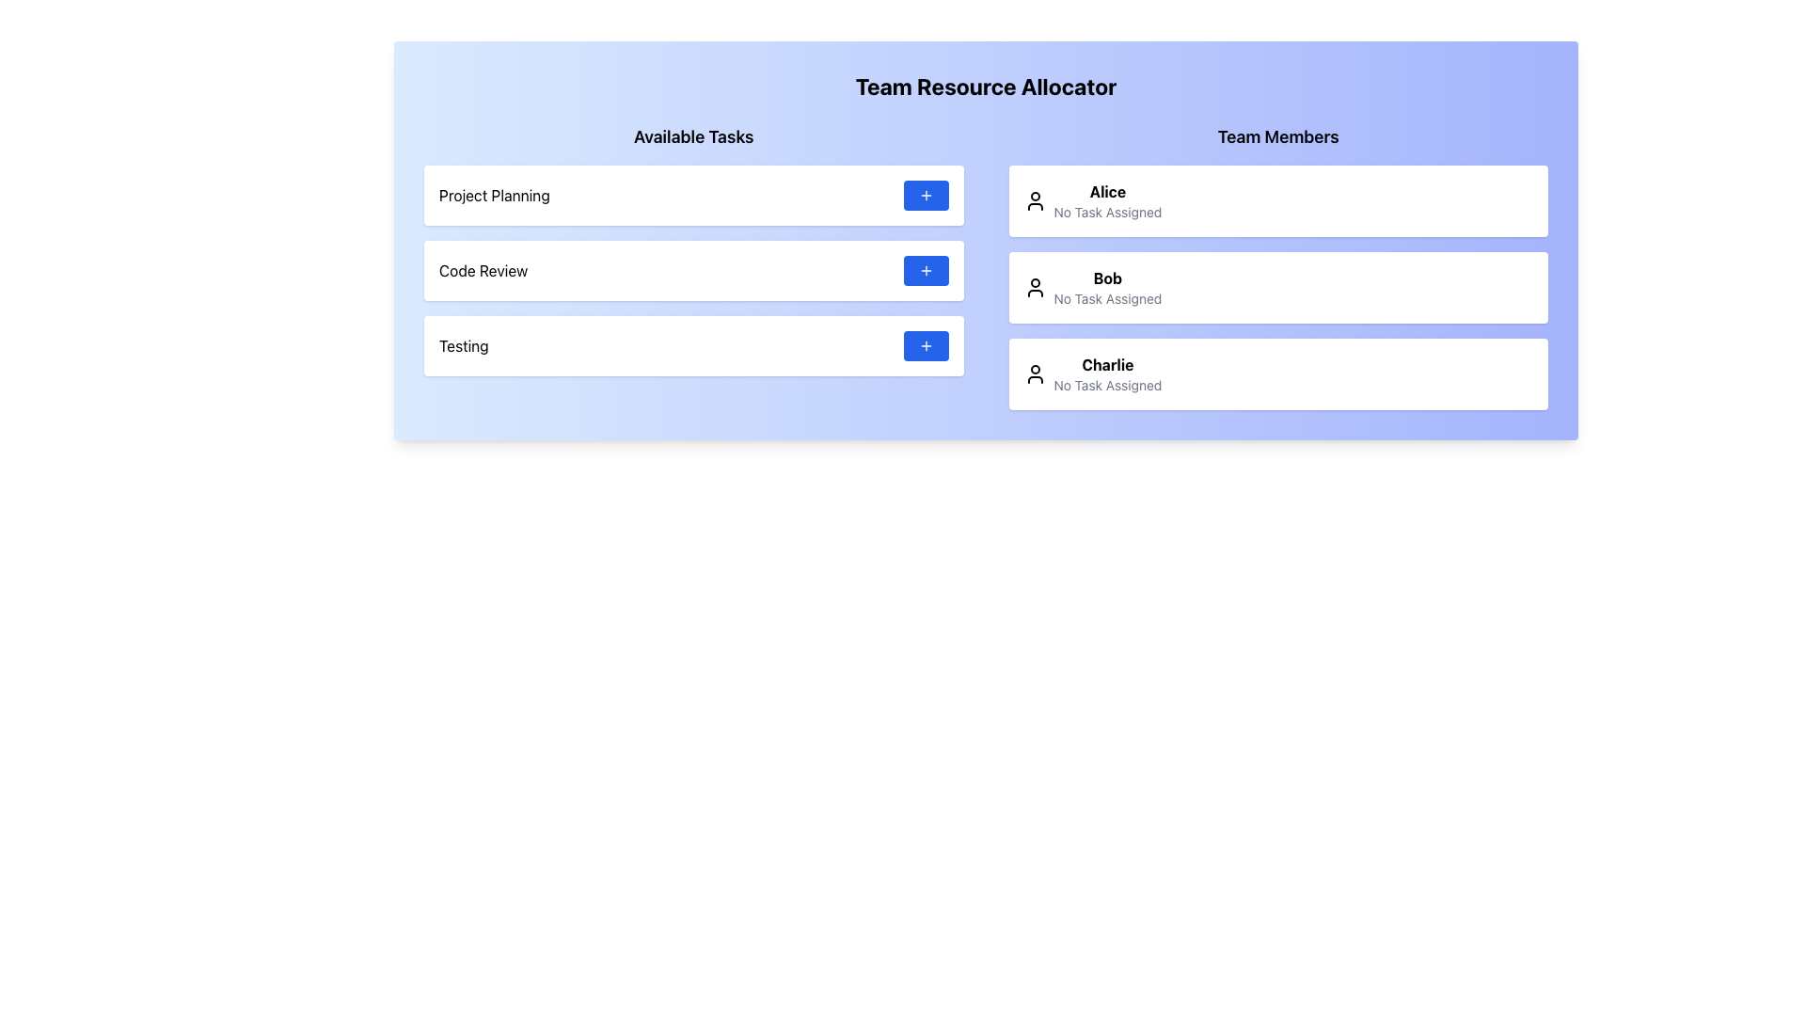 This screenshot has width=1806, height=1016. I want to click on the label indicating the team member 'Alice' in the 'Team Members' section, located above 'No Task Assigned', so click(1107, 192).